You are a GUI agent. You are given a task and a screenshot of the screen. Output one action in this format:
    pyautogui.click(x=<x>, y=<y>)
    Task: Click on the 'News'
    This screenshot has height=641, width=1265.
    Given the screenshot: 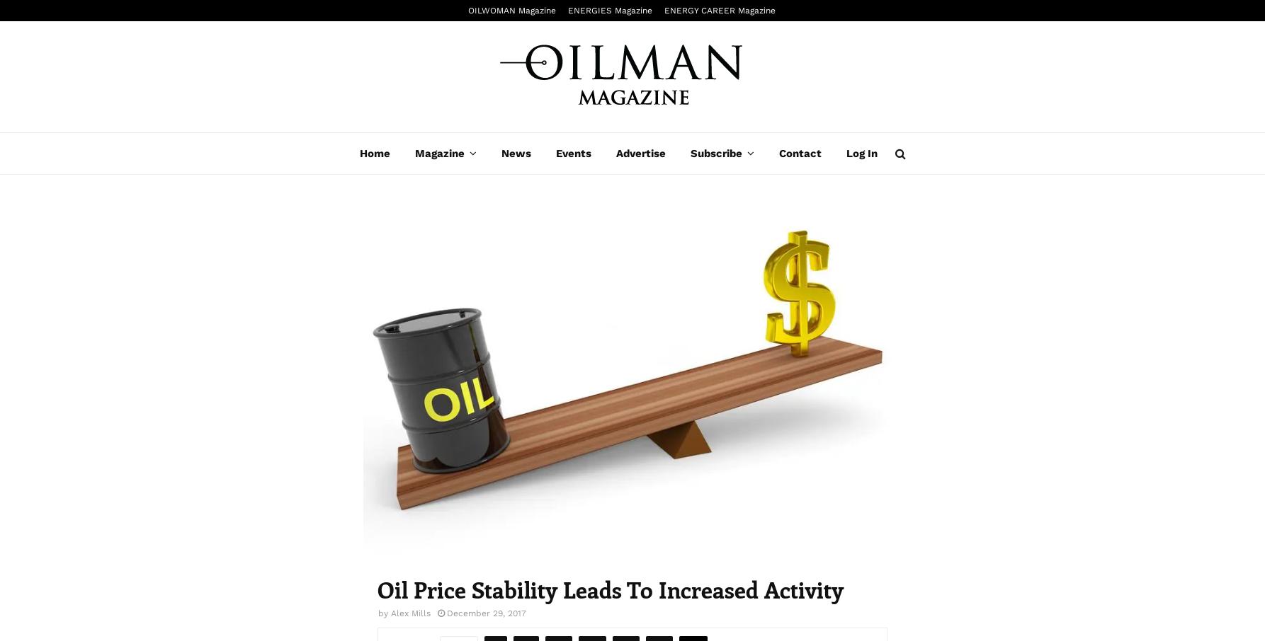 What is the action you would take?
    pyautogui.click(x=515, y=152)
    